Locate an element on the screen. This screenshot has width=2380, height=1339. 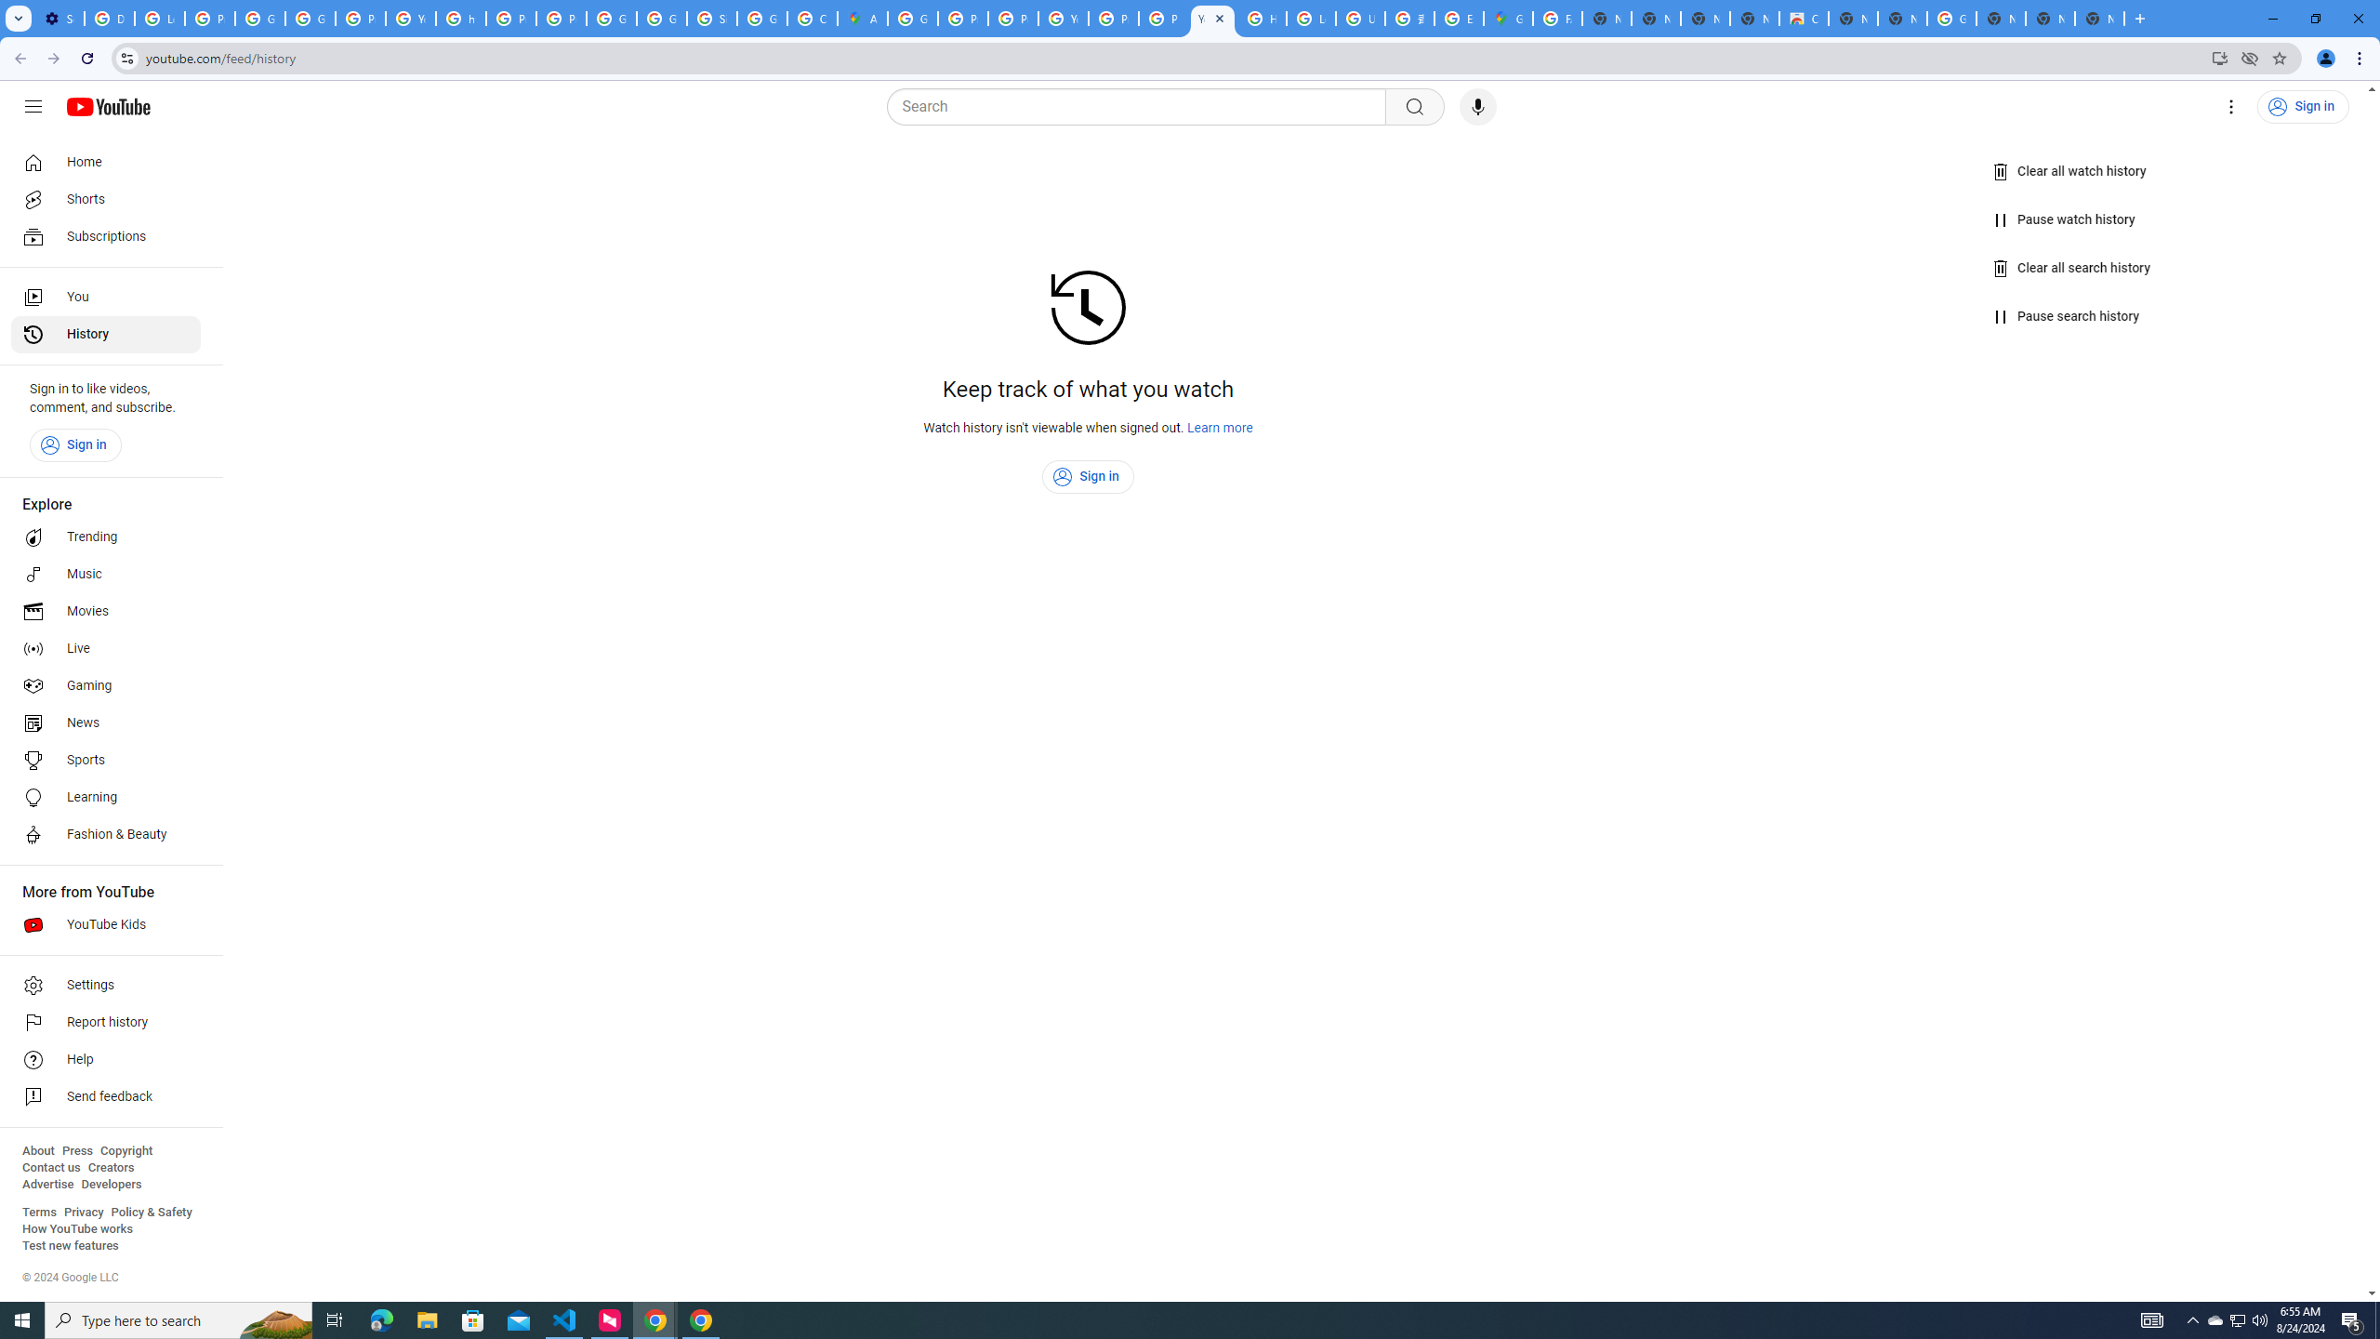
'Advertise' is located at coordinates (46, 1183).